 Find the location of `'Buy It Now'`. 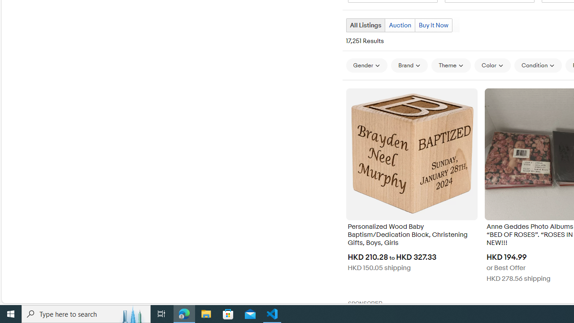

'Buy It Now' is located at coordinates (433, 25).